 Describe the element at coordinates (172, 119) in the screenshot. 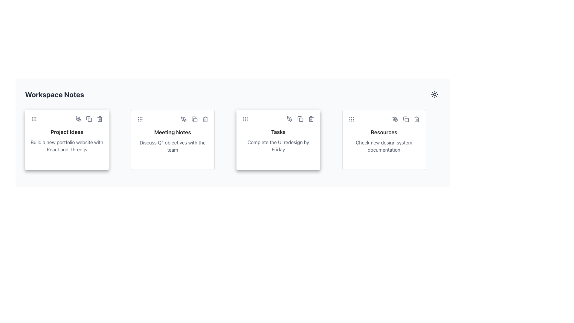

I see `one of the icons in the horizontal toolbar located at the top of the 'Meeting Notes' card` at that location.